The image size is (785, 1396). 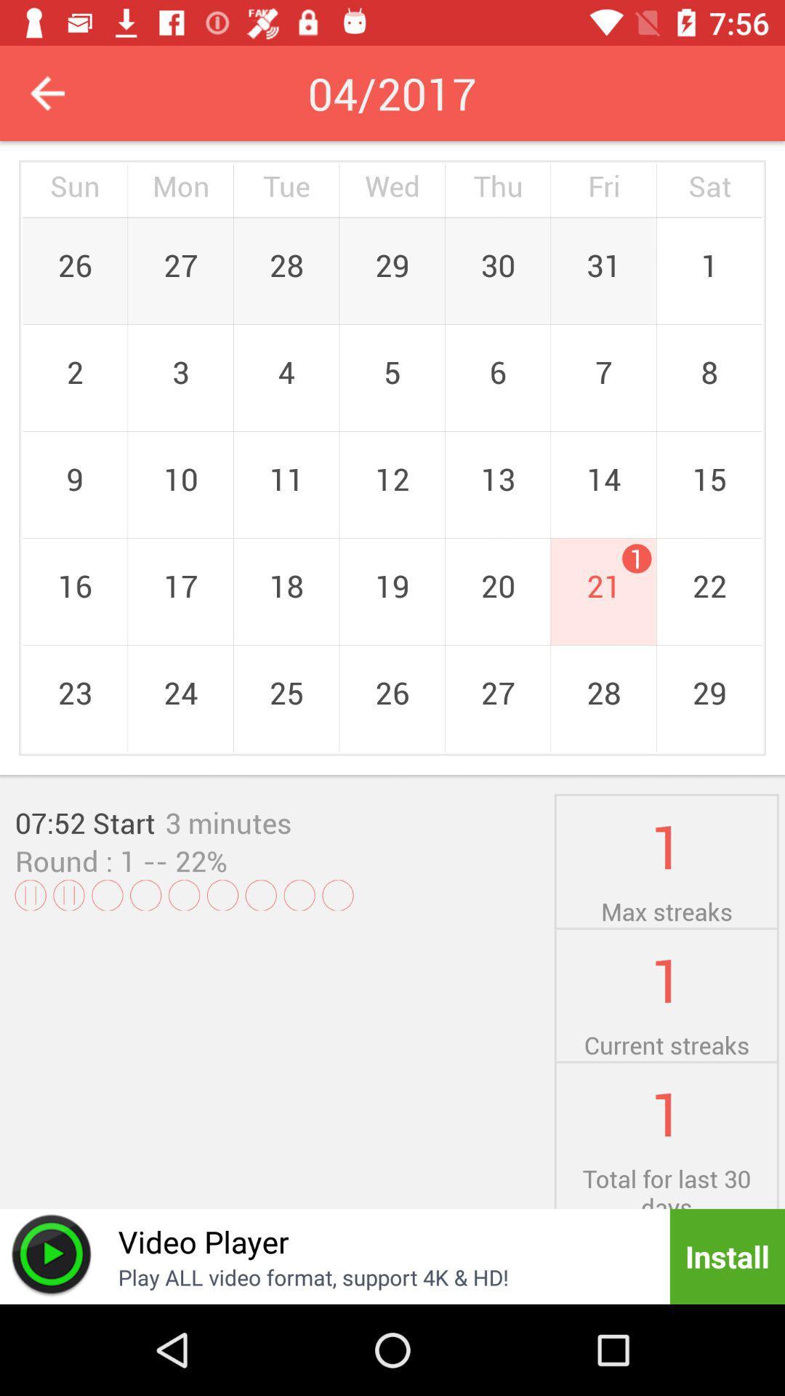 What do you see at coordinates (228, 822) in the screenshot?
I see `the icon next to the 07:52 start` at bounding box center [228, 822].